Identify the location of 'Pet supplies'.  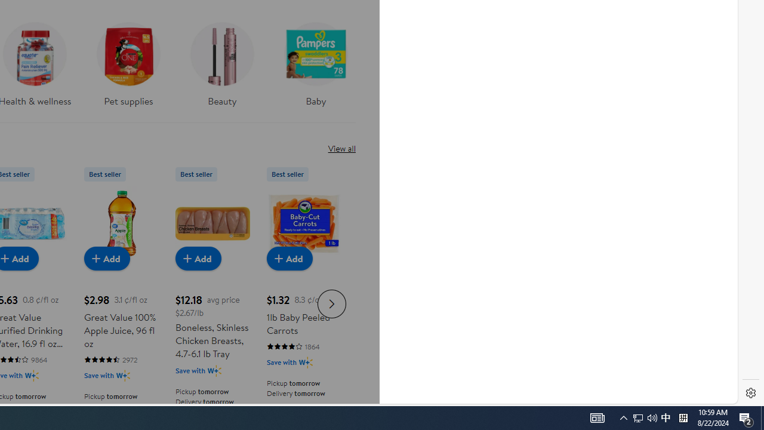
(128, 60).